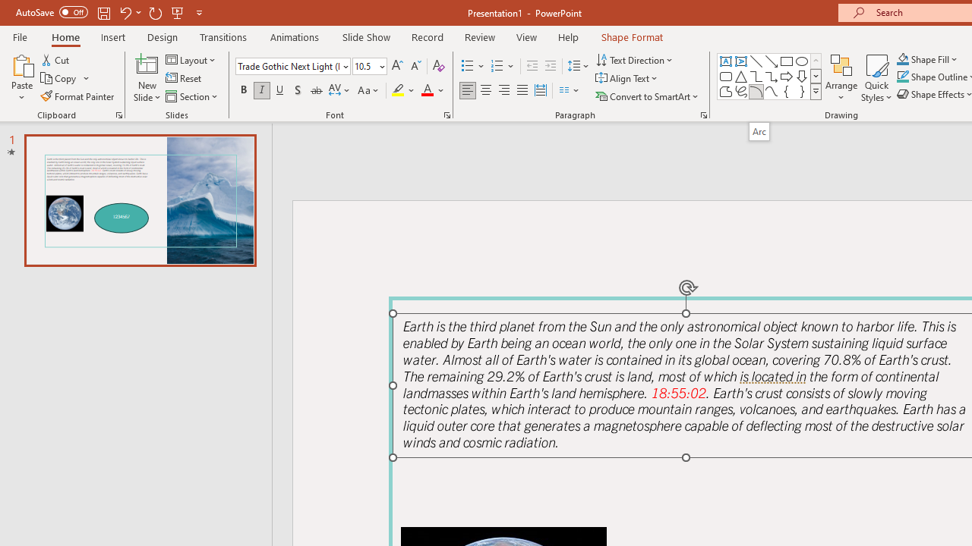 The width and height of the screenshot is (972, 546). I want to click on 'Shape Outline Teal, Accent 1', so click(903, 77).